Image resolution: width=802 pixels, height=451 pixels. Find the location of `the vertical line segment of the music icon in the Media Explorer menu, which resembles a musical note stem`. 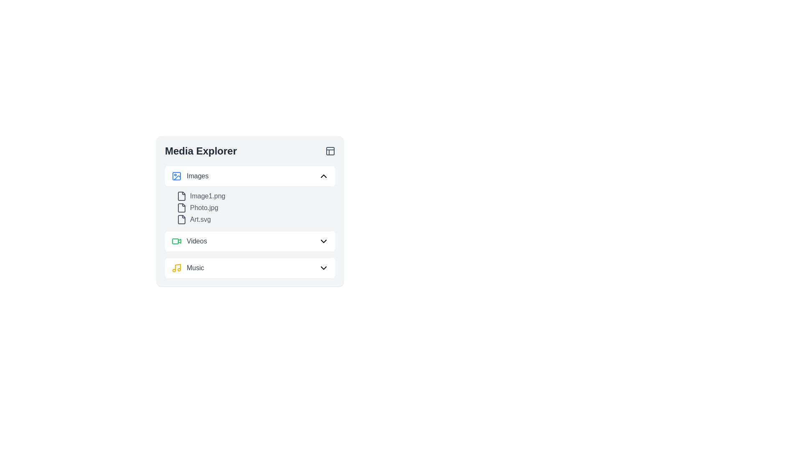

the vertical line segment of the music icon in the Media Explorer menu, which resembles a musical note stem is located at coordinates (178, 267).